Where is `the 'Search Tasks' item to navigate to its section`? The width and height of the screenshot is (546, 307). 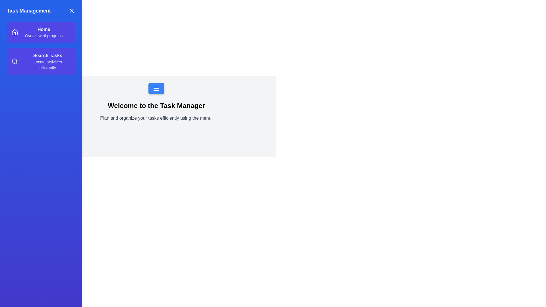 the 'Search Tasks' item to navigate to its section is located at coordinates (41, 61).